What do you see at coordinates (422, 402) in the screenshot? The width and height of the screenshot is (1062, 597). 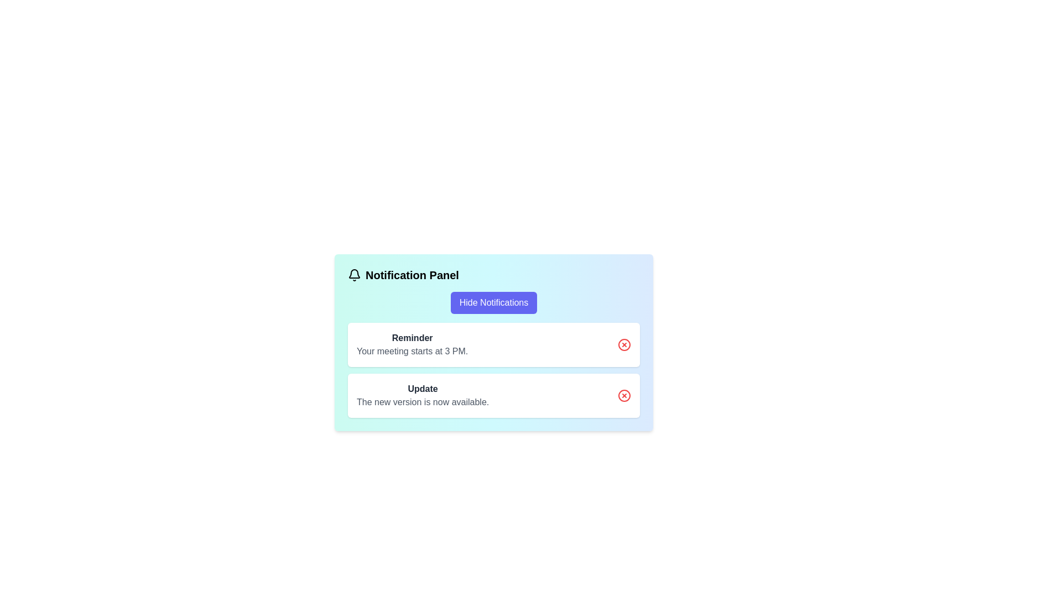 I see `static text that says 'The new version is now available.' which is styled in gray and located below the 'Update' title in the notification card` at bounding box center [422, 402].